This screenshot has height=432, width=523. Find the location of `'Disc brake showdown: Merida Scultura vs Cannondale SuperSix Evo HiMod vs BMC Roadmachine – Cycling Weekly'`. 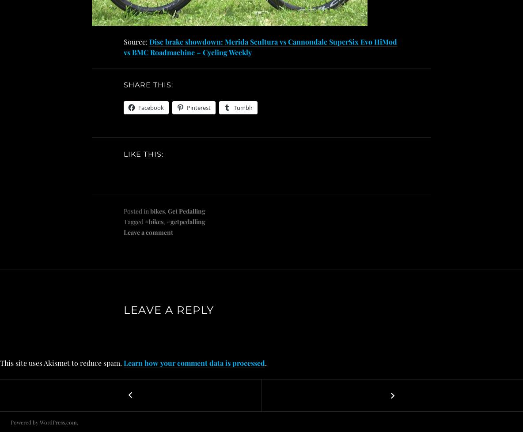

'Disc brake showdown: Merida Scultura vs Cannondale SuperSix Evo HiMod vs BMC Roadmachine – Cycling Weekly' is located at coordinates (260, 47).